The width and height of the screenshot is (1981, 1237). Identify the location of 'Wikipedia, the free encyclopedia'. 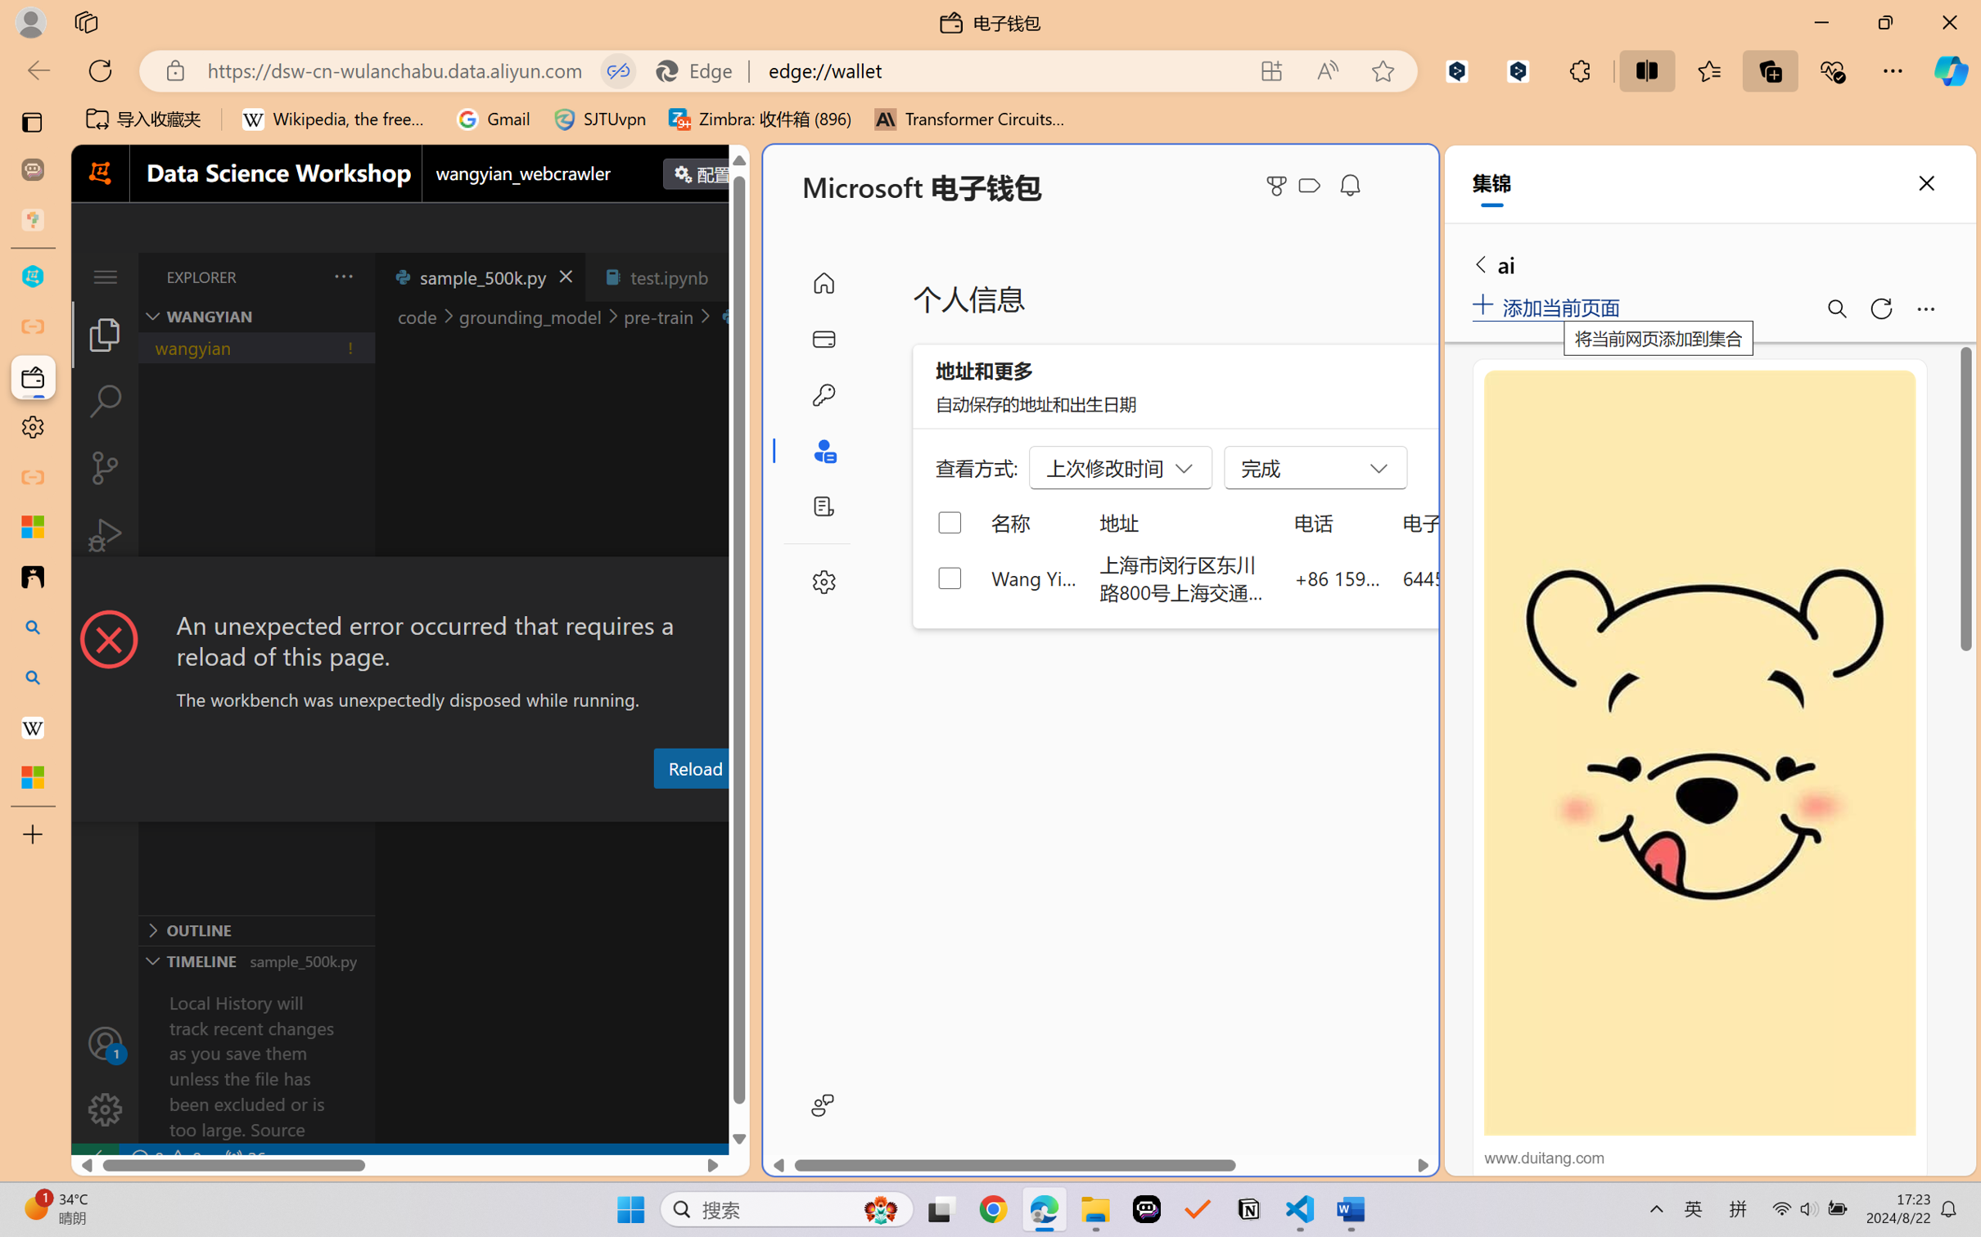
(336, 119).